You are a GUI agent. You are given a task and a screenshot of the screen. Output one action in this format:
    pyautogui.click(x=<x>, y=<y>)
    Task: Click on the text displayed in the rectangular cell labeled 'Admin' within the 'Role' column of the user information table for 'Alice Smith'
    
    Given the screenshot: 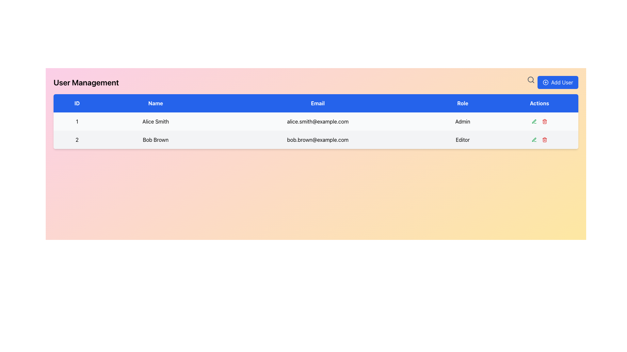 What is the action you would take?
    pyautogui.click(x=462, y=122)
    